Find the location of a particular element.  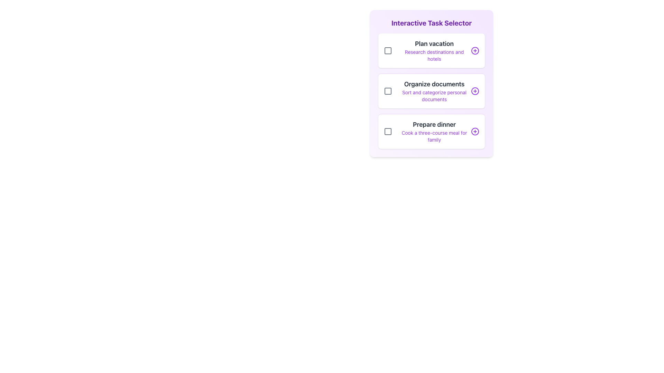

the circular button with a purple outline and plus sign, located in the 'Prepare dinner' task card is located at coordinates (474, 132).